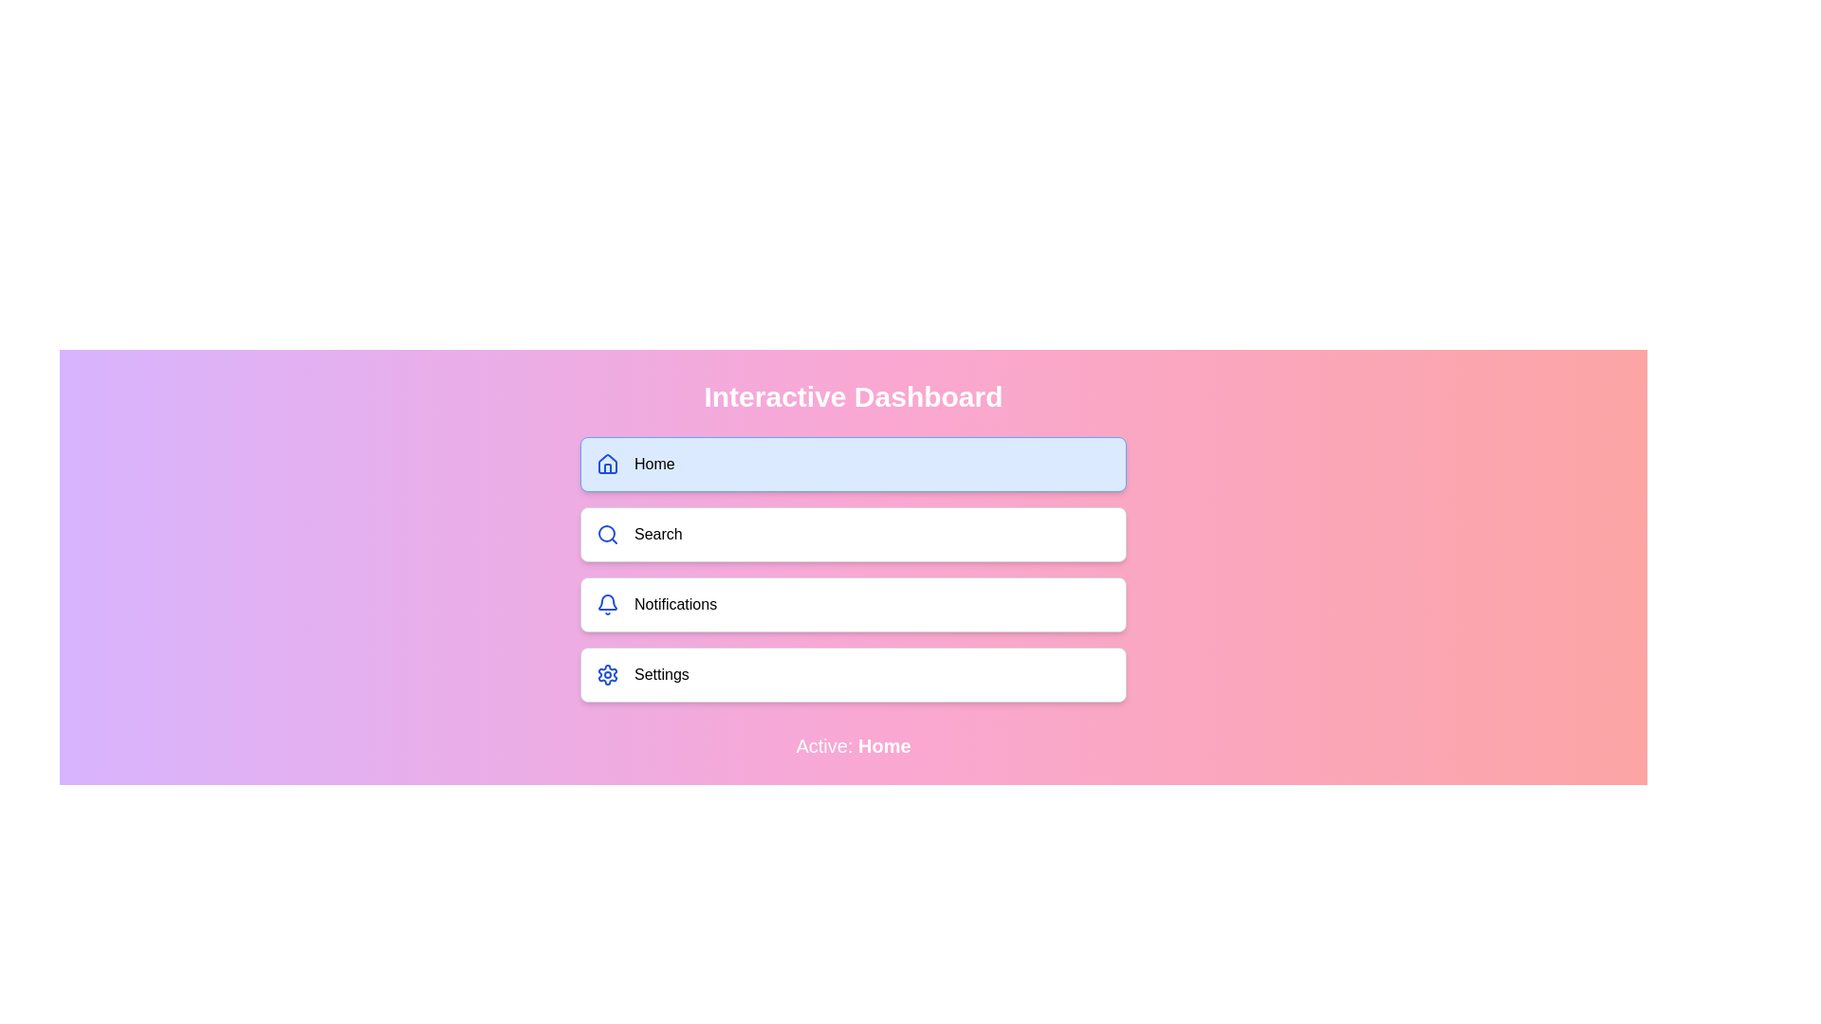  Describe the element at coordinates (853, 674) in the screenshot. I see `the Settings navigation menu item` at that location.